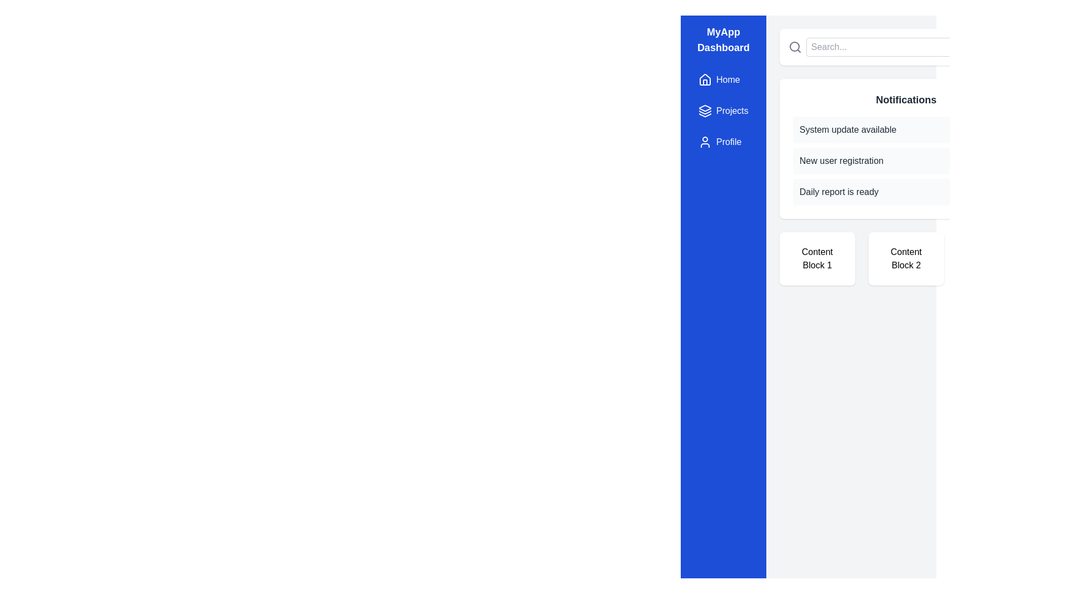  Describe the element at coordinates (794, 46) in the screenshot. I see `the search icon button represented by a magnifying glass in the top-right corner of the interface` at that location.